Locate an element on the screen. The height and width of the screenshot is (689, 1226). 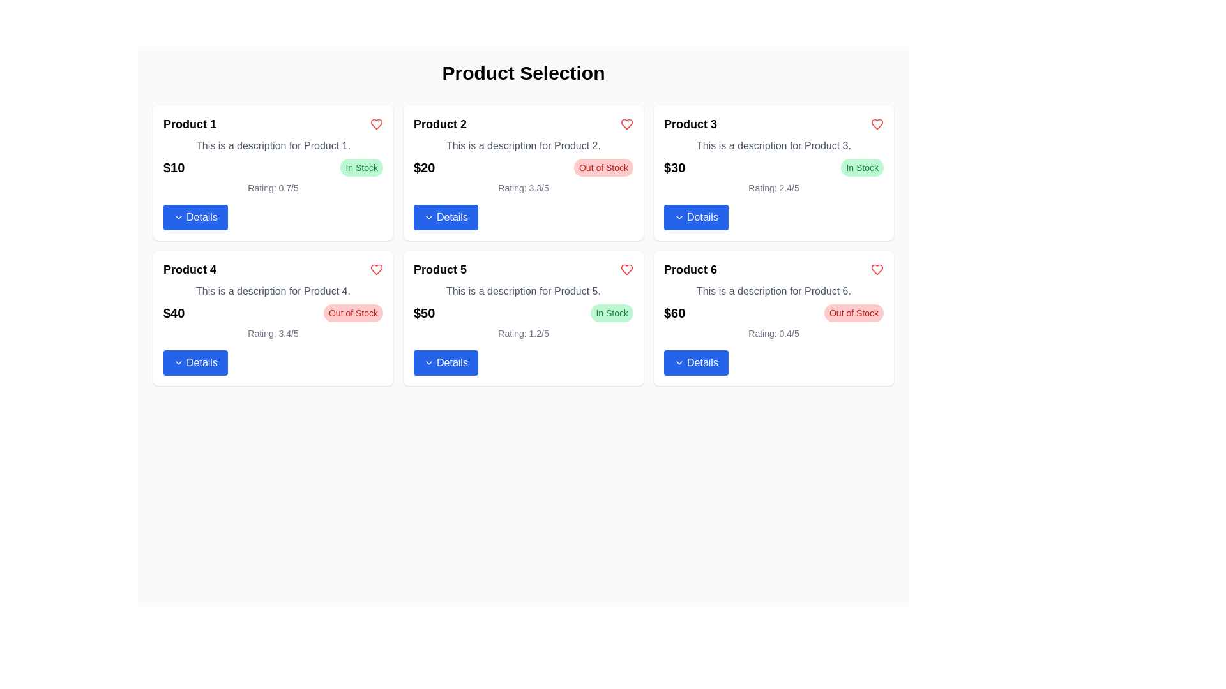
the heart-shaped interactive icon located in the upper-right corner of the 'Product 6' card is located at coordinates (876, 269).